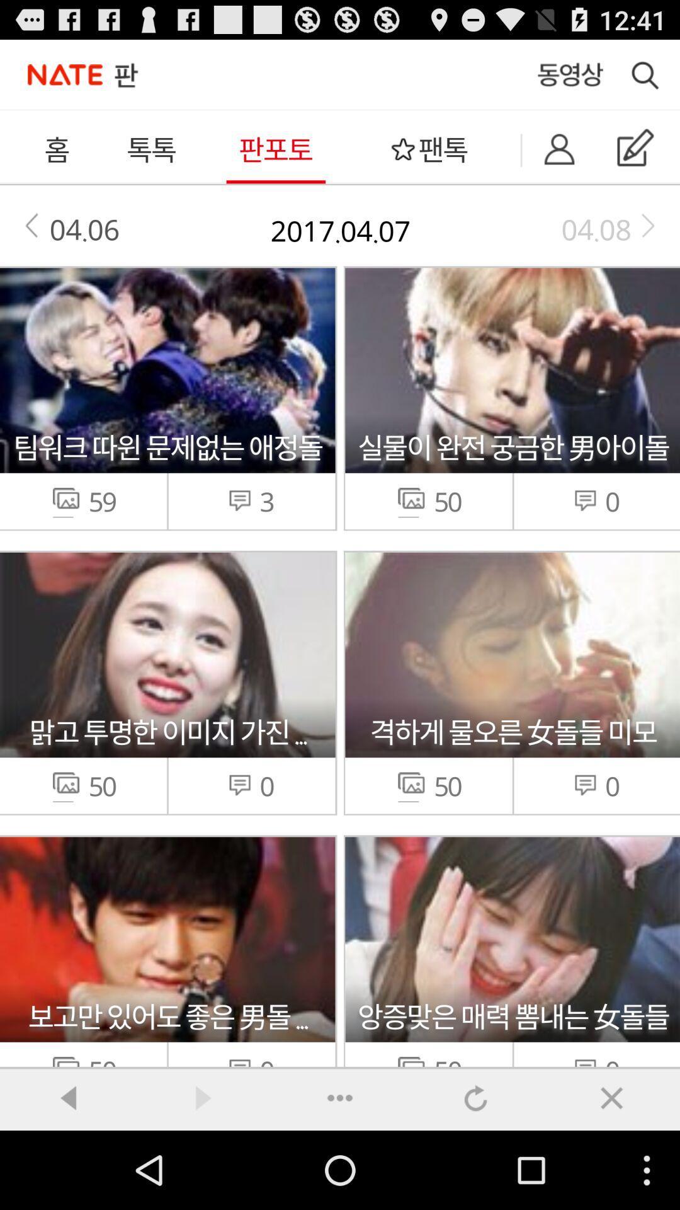 The image size is (680, 1210). I want to click on back ward, so click(68, 1097).